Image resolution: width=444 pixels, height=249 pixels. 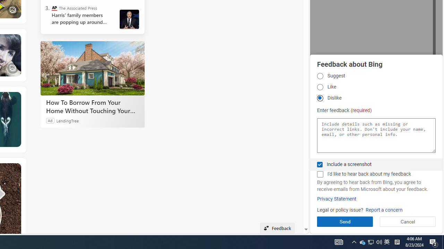 I want to click on 'Like Like', so click(x=319, y=86).